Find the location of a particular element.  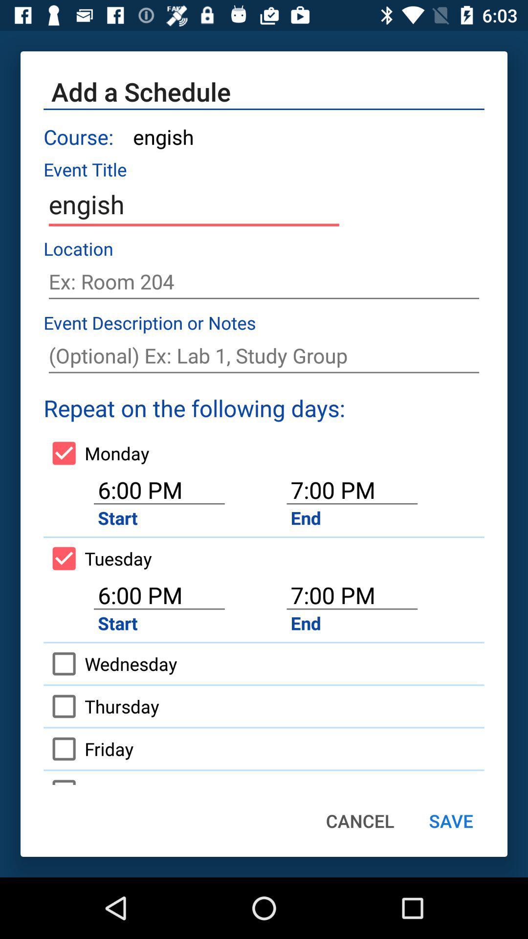

monday is located at coordinates (96, 452).